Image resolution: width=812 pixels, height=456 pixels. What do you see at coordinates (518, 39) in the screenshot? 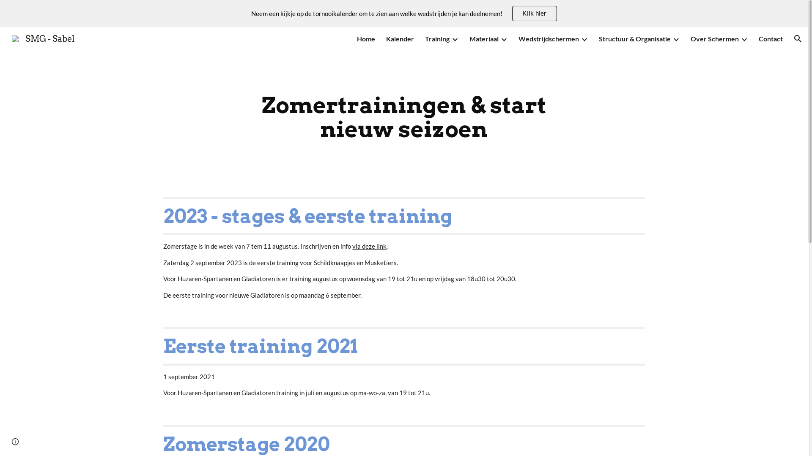
I see `'Wedstrijdschermen'` at bounding box center [518, 39].